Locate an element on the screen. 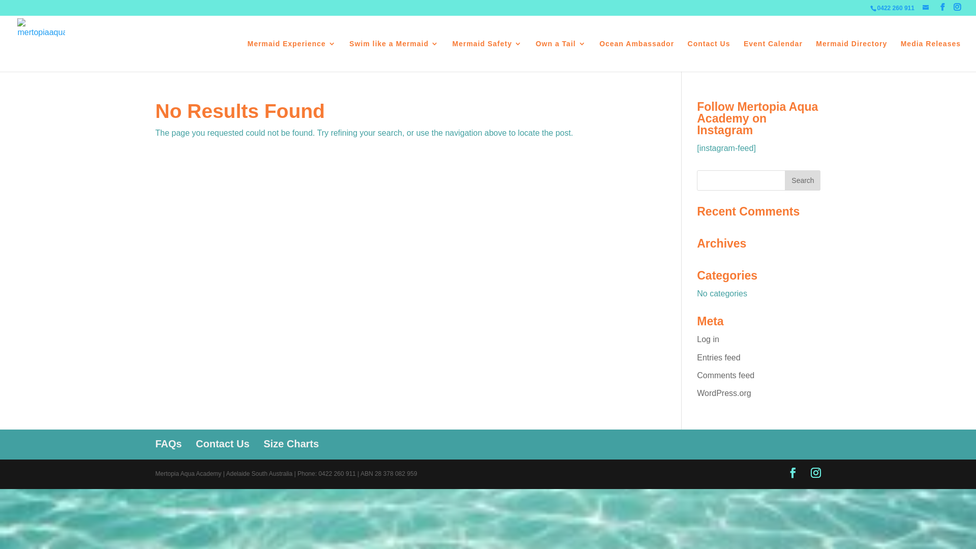 Image resolution: width=976 pixels, height=549 pixels. 'Mermaid Experience' is located at coordinates (291, 56).